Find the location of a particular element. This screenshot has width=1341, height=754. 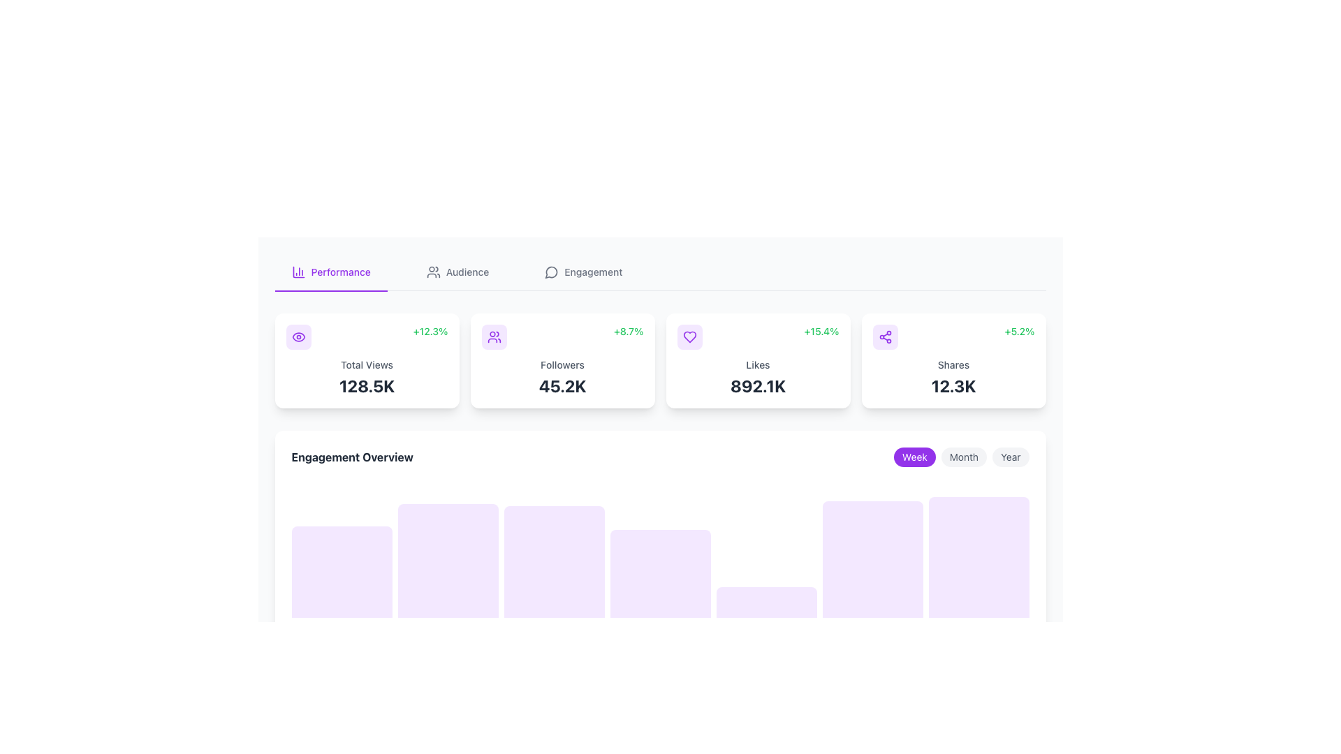

the fifth column of the Visualization Bar in the bar chart, which represents a data point or metric and is located near the bottom of the interface is located at coordinates (765, 601).